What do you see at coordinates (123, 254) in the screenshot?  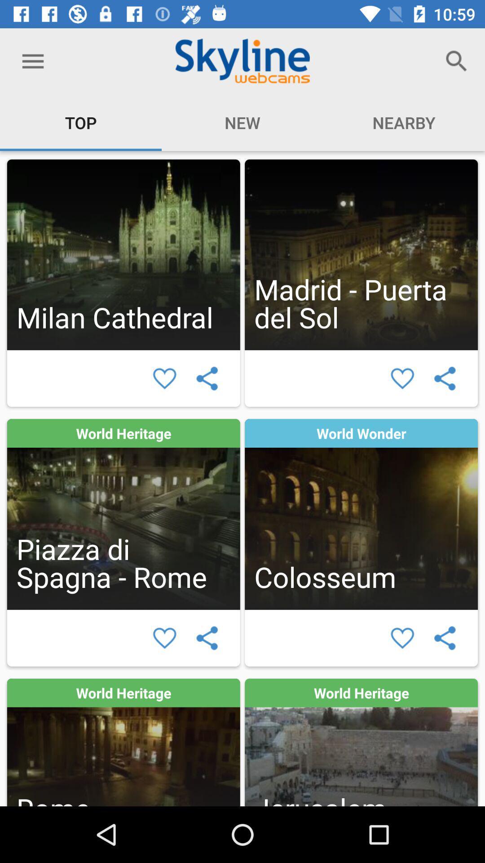 I see `camera feed` at bounding box center [123, 254].